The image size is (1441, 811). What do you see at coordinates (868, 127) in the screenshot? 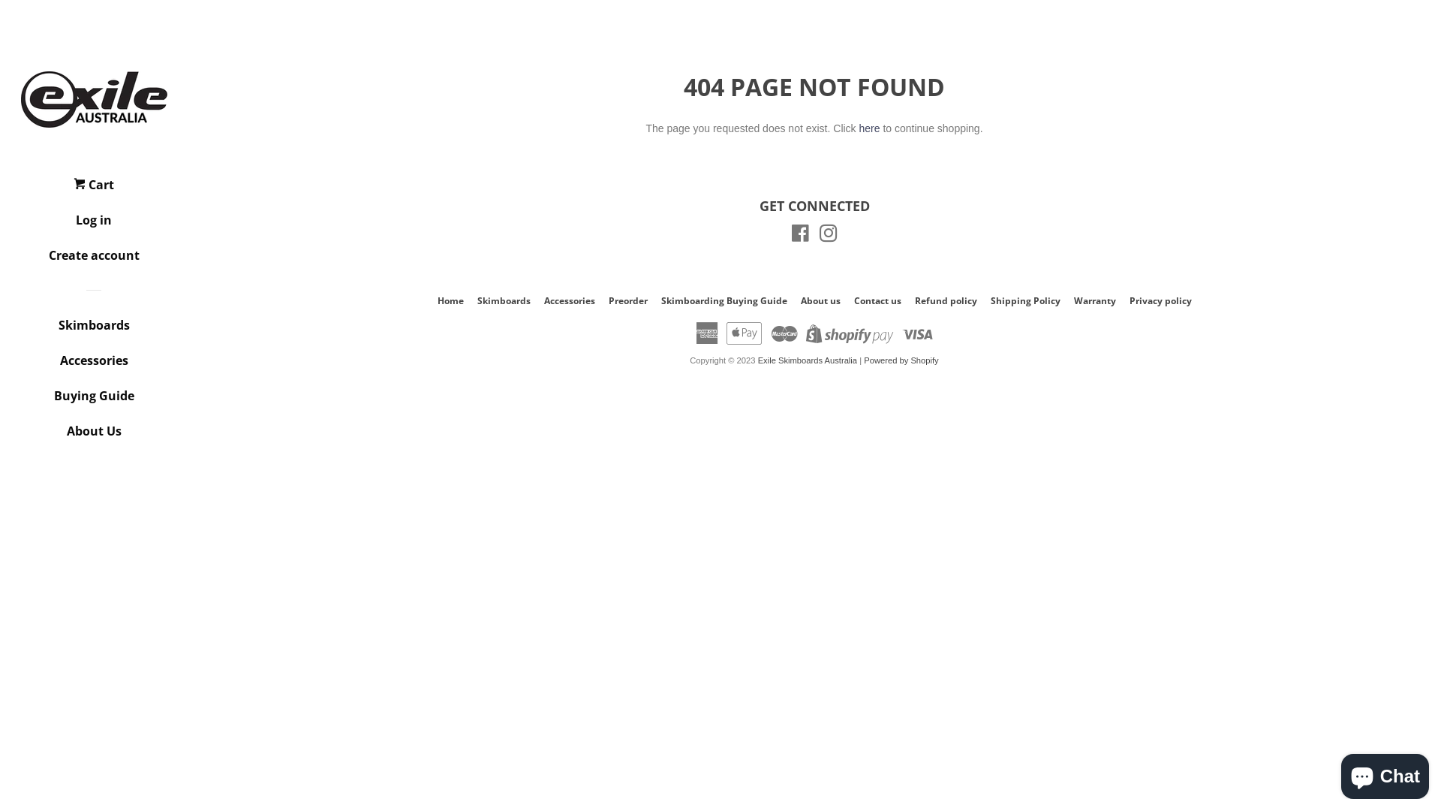
I see `'here'` at bounding box center [868, 127].